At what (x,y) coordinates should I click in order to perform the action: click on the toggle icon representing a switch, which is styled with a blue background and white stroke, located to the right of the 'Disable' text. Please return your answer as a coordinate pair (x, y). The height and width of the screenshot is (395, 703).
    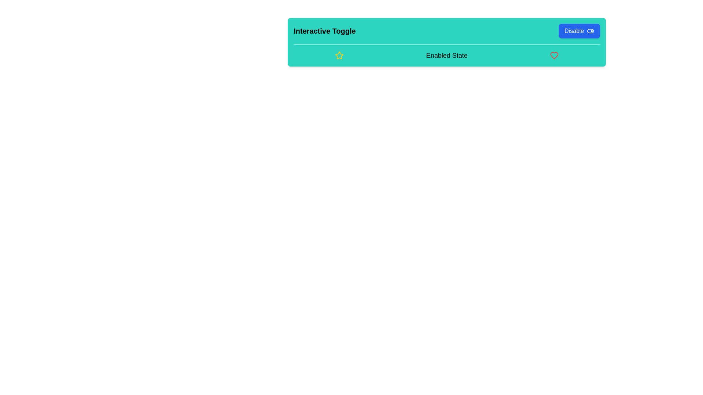
    Looking at the image, I should click on (590, 30).